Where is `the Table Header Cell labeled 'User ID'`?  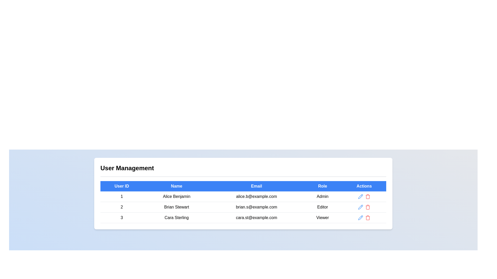 the Table Header Cell labeled 'User ID' is located at coordinates (121, 186).